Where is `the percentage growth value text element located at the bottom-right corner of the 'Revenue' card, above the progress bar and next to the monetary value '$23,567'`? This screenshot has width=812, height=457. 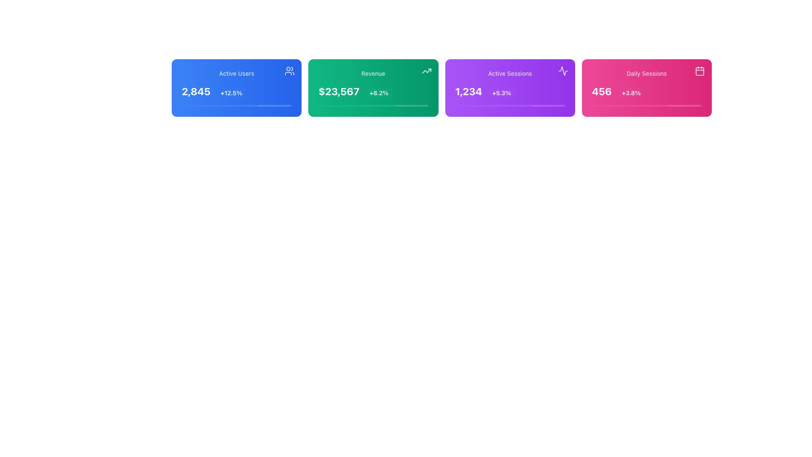 the percentage growth value text element located at the bottom-right corner of the 'Revenue' card, above the progress bar and next to the monetary value '$23,567' is located at coordinates (373, 88).